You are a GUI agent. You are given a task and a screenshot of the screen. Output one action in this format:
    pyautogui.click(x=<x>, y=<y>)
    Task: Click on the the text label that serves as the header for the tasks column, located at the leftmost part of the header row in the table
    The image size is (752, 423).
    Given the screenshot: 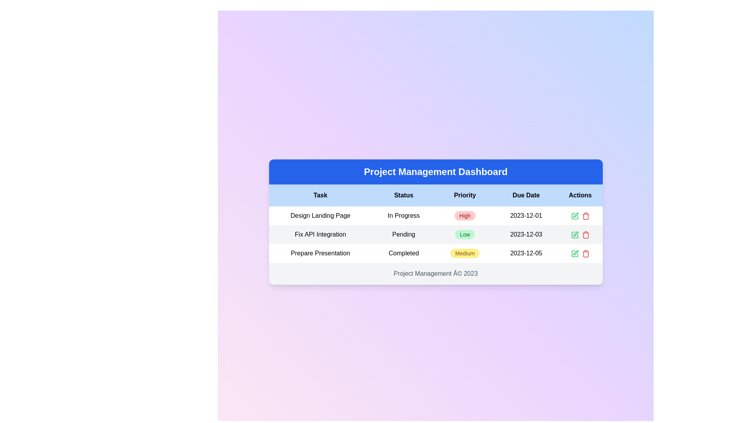 What is the action you would take?
    pyautogui.click(x=320, y=195)
    